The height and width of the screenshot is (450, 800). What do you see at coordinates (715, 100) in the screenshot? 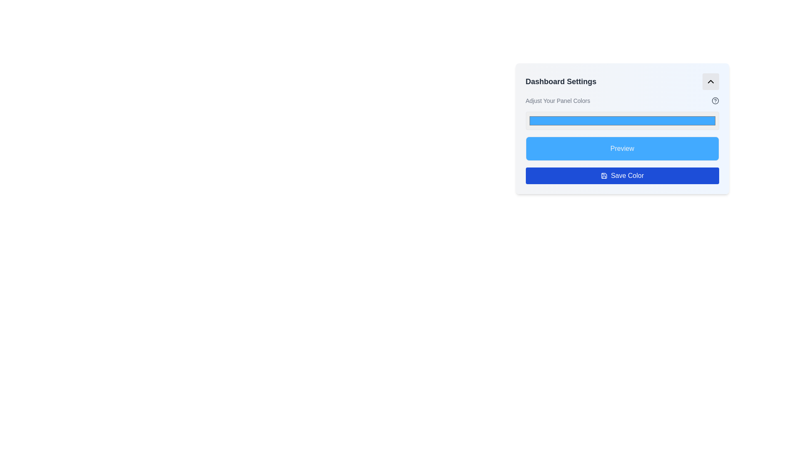
I see `the small circular help icon with a question mark at the far right of the 'Adjust Your Panel Colors' section` at bounding box center [715, 100].